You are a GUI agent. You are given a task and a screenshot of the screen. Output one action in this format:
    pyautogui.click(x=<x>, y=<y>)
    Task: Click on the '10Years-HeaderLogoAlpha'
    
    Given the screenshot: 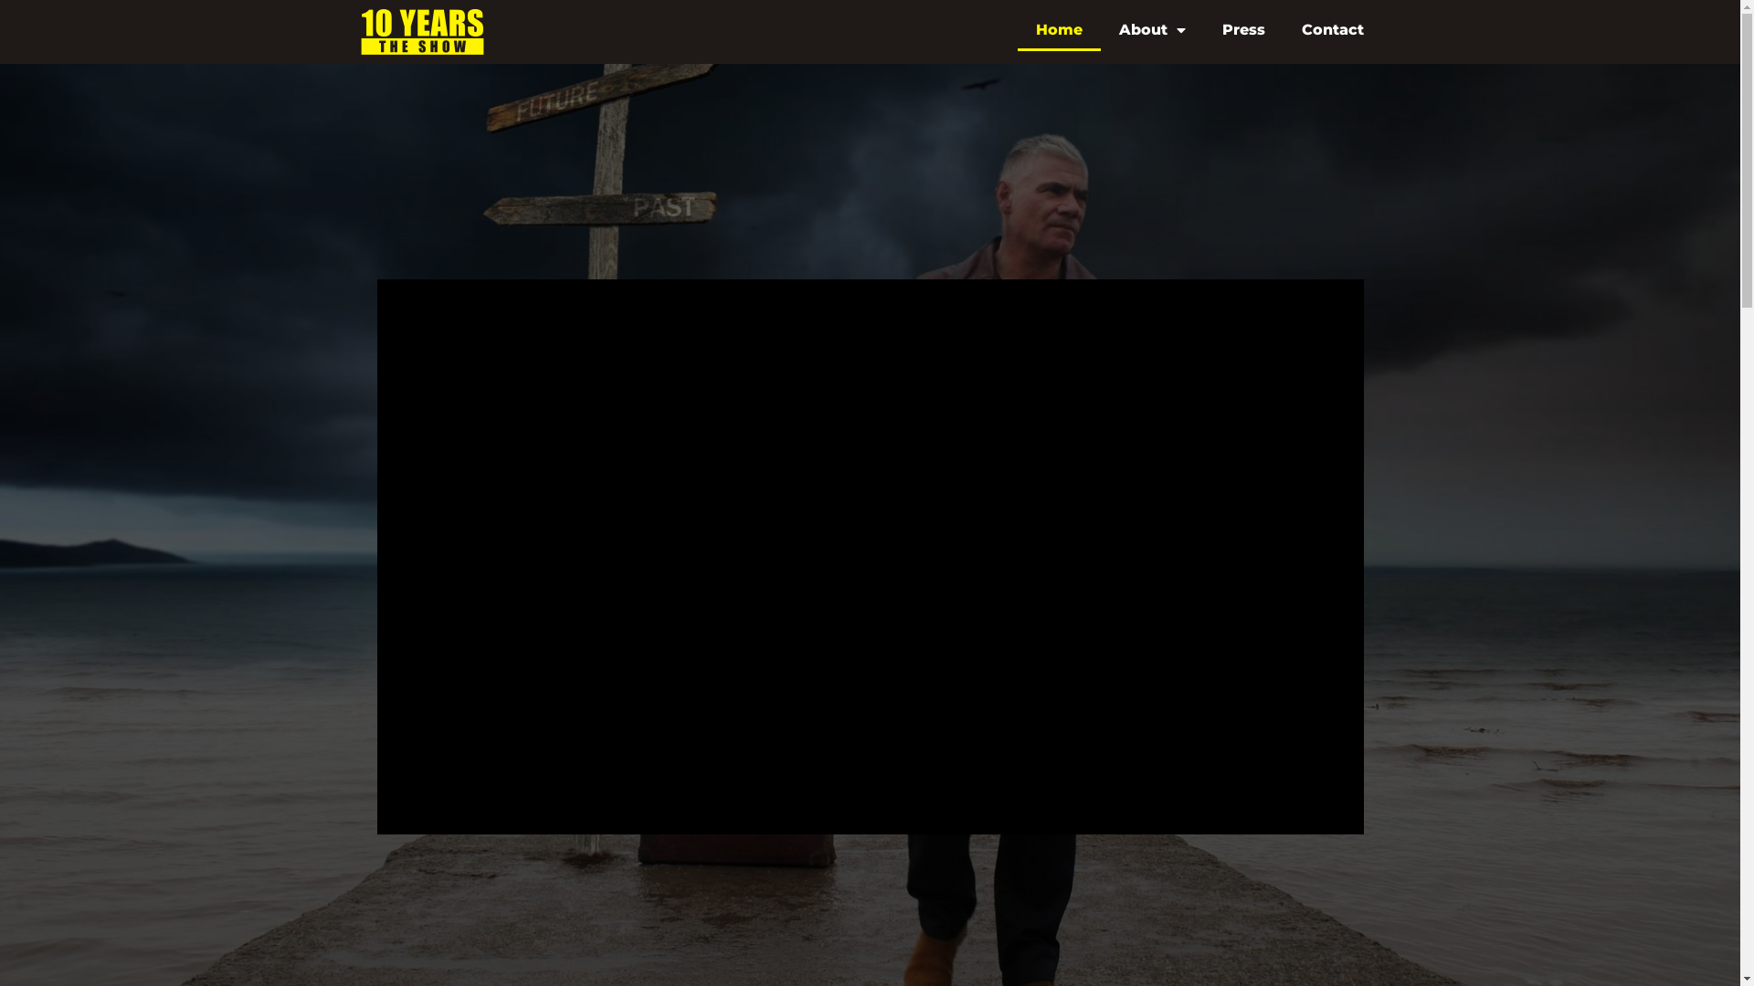 What is the action you would take?
    pyautogui.click(x=420, y=31)
    